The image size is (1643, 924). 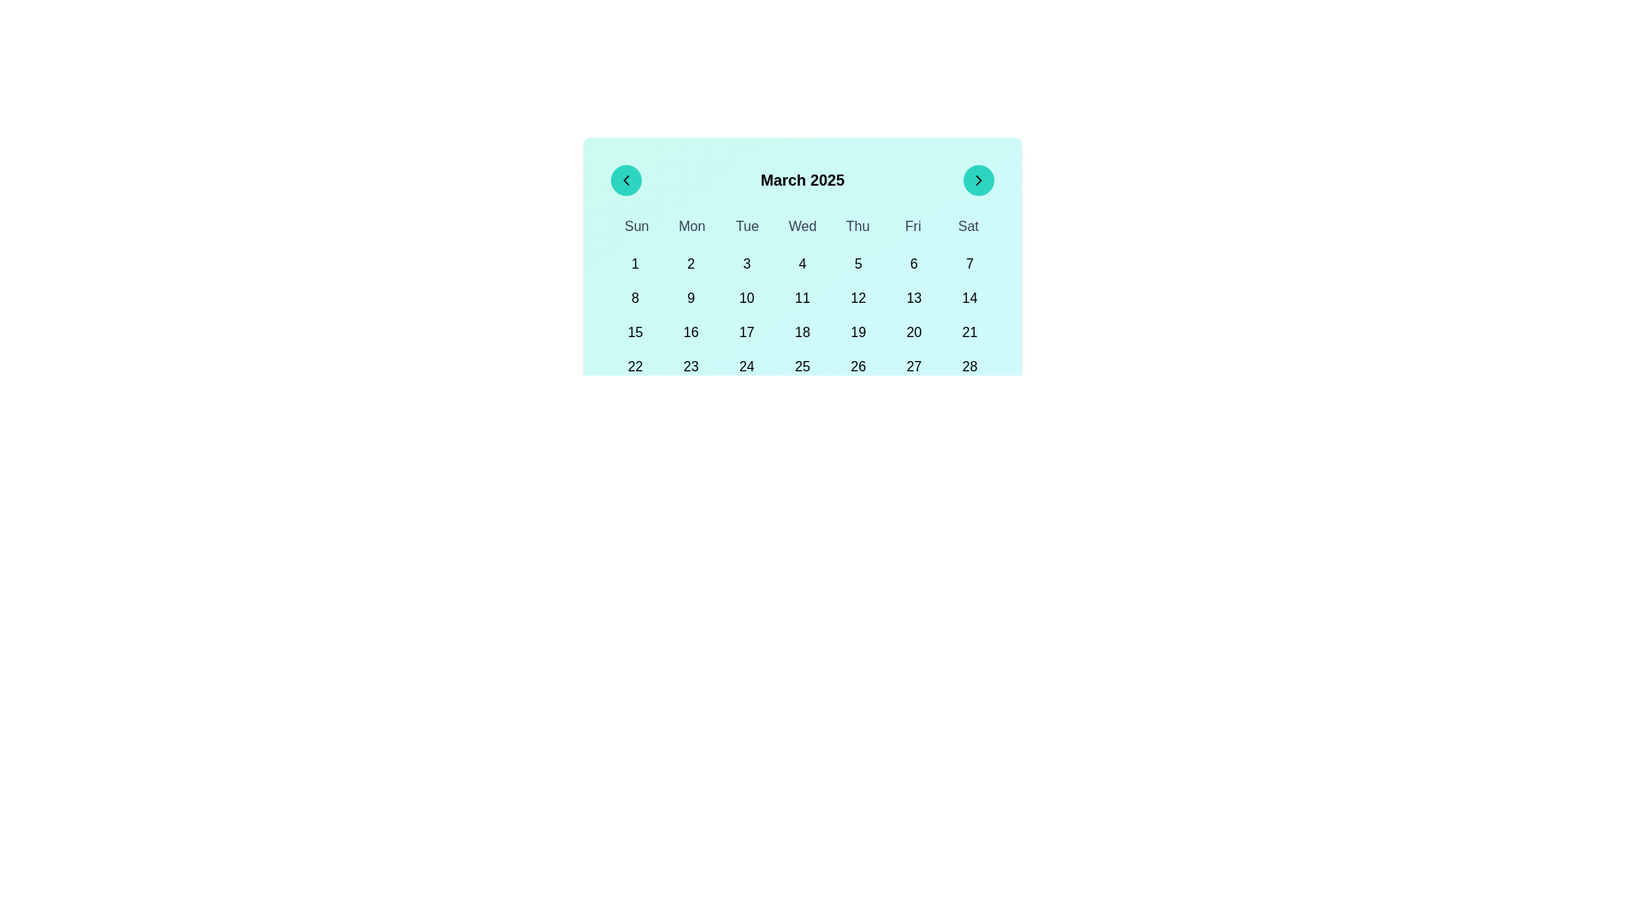 I want to click on the calendar date button for '13' located in the second row under 'Fri', so click(x=913, y=297).